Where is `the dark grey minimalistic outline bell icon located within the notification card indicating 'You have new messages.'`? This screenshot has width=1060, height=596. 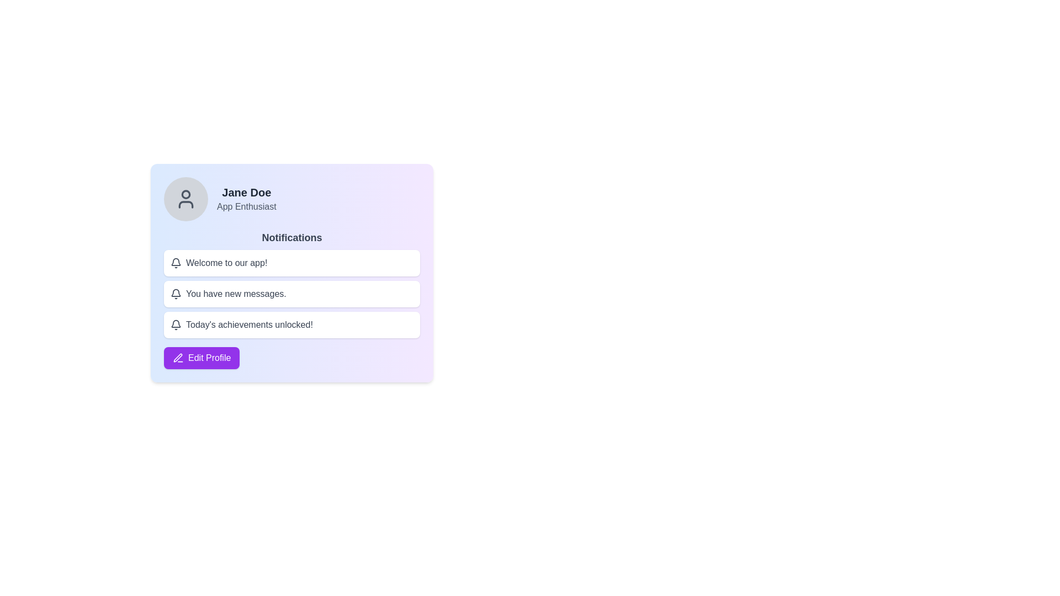
the dark grey minimalistic outline bell icon located within the notification card indicating 'You have new messages.' is located at coordinates (175, 293).